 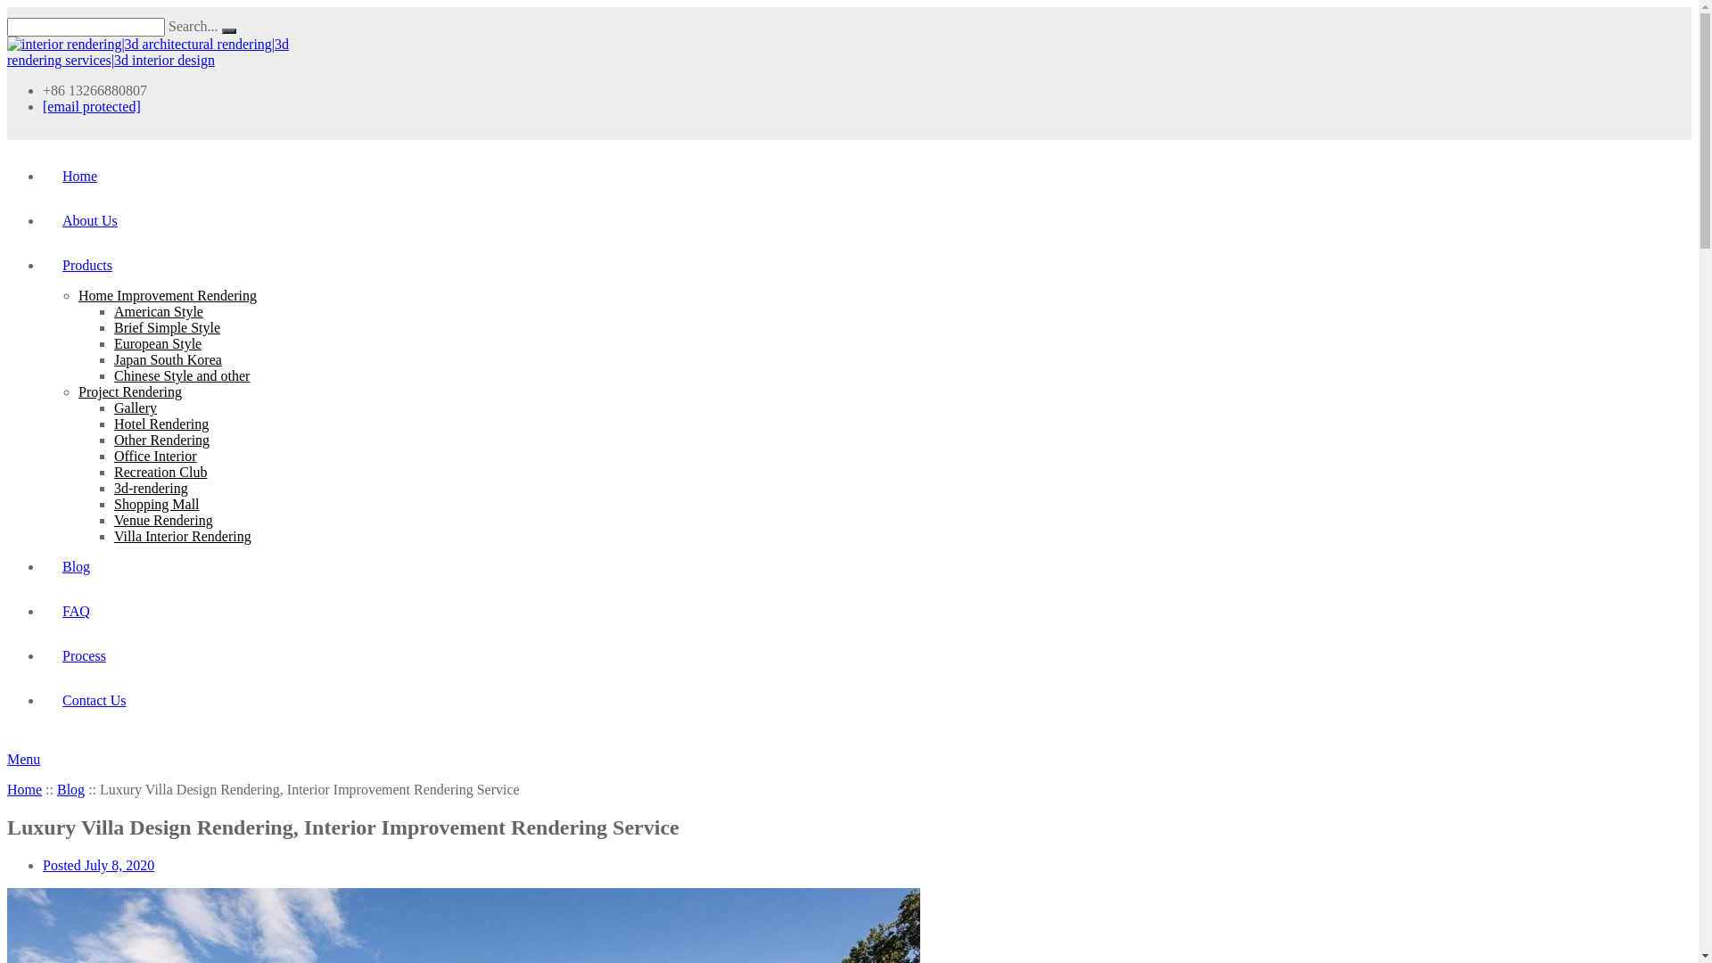 I want to click on 'Venue Rendering', so click(x=163, y=520).